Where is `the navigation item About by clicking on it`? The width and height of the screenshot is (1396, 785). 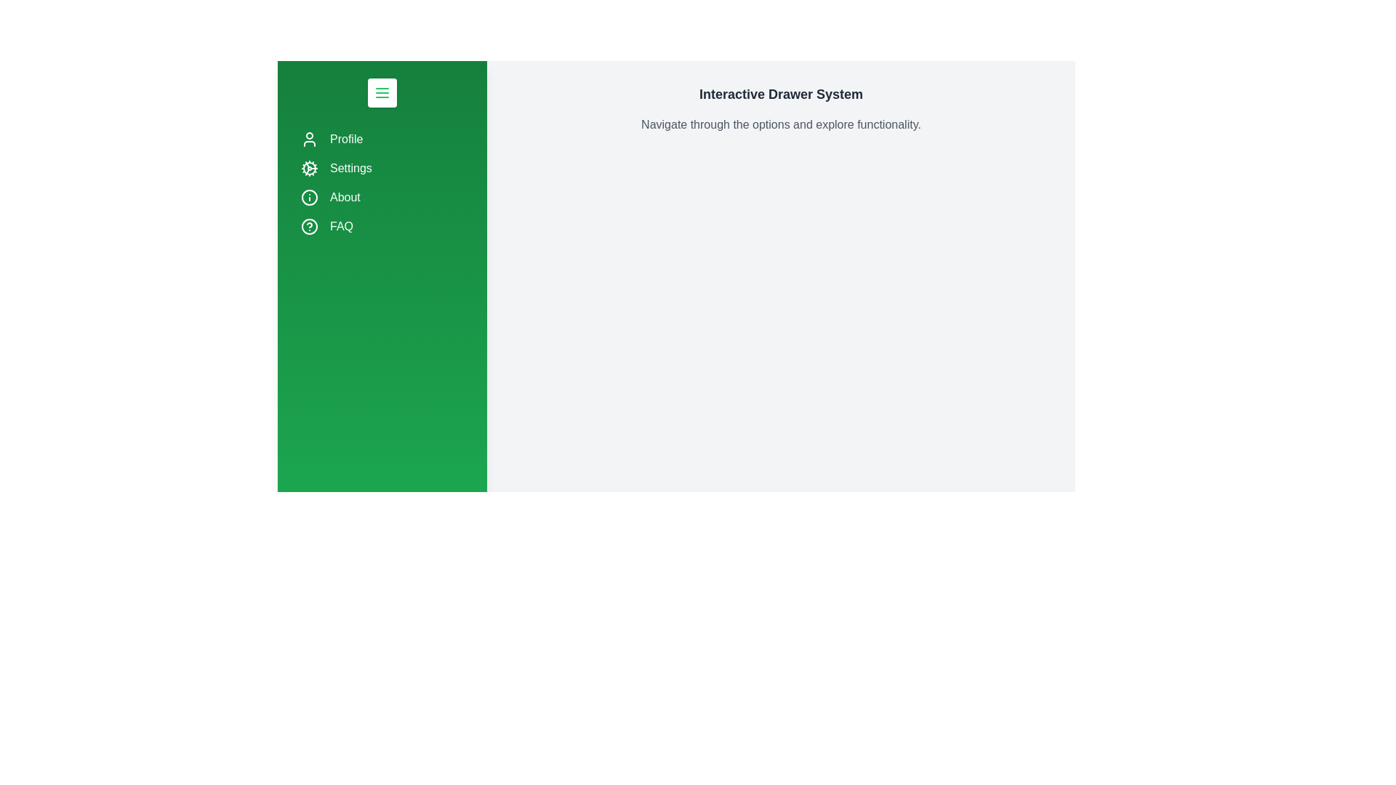
the navigation item About by clicking on it is located at coordinates (382, 198).